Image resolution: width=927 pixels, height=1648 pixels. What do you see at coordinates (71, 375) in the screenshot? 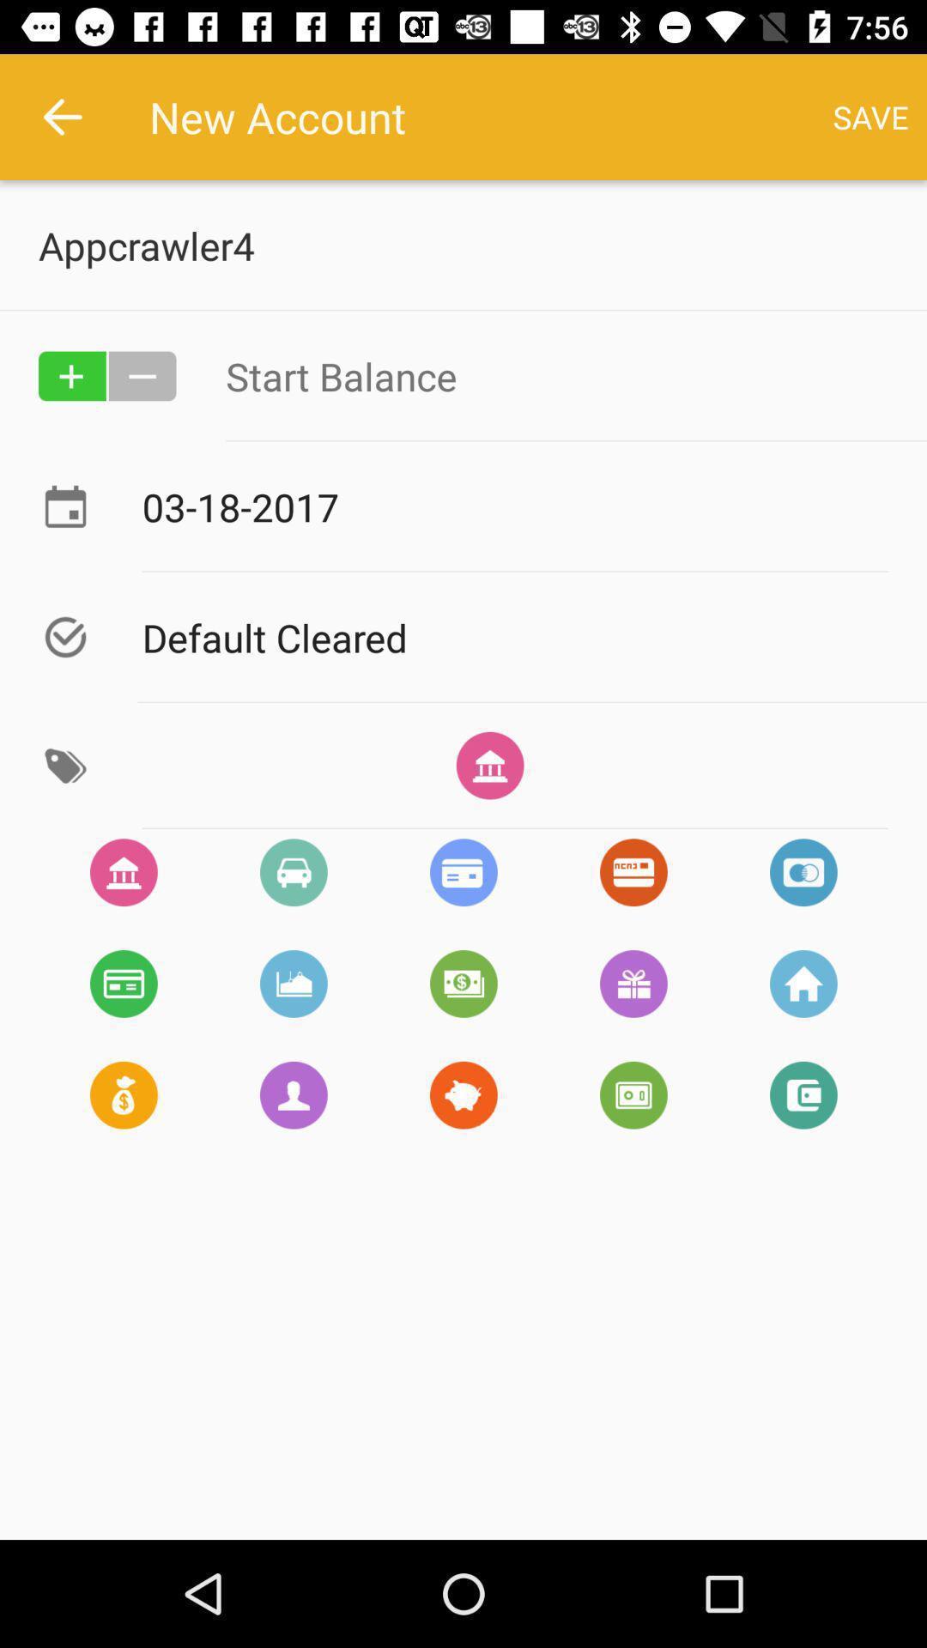
I see `the add icon` at bounding box center [71, 375].